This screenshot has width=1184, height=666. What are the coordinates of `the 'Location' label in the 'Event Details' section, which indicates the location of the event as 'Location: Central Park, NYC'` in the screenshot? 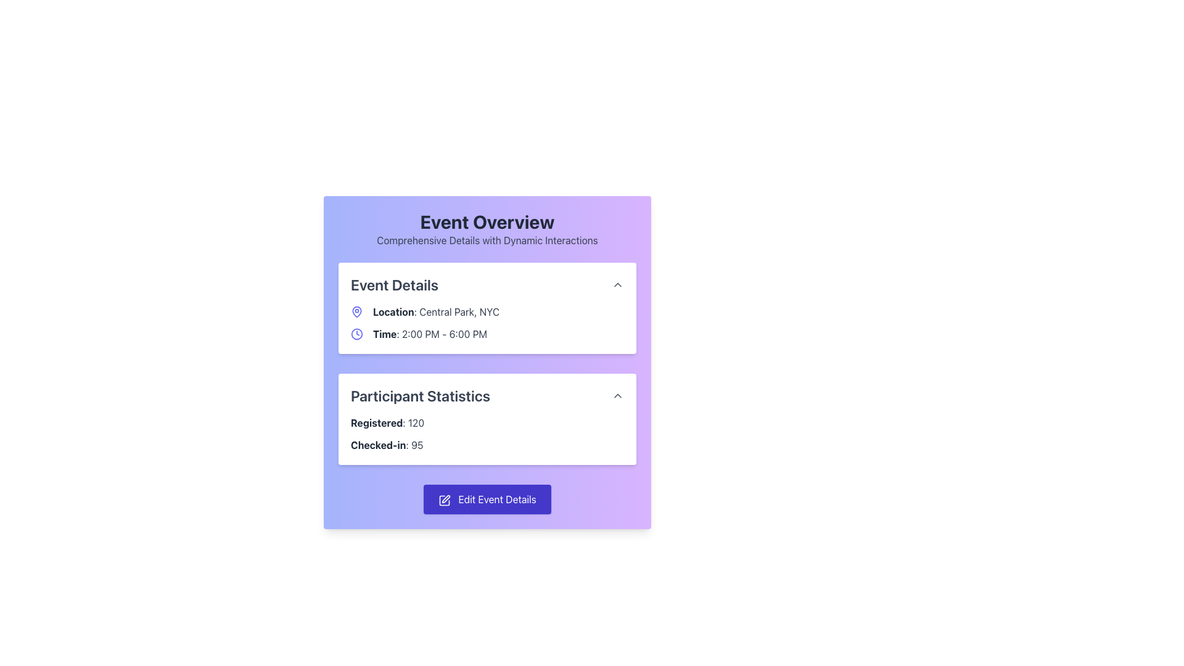 It's located at (393, 311).